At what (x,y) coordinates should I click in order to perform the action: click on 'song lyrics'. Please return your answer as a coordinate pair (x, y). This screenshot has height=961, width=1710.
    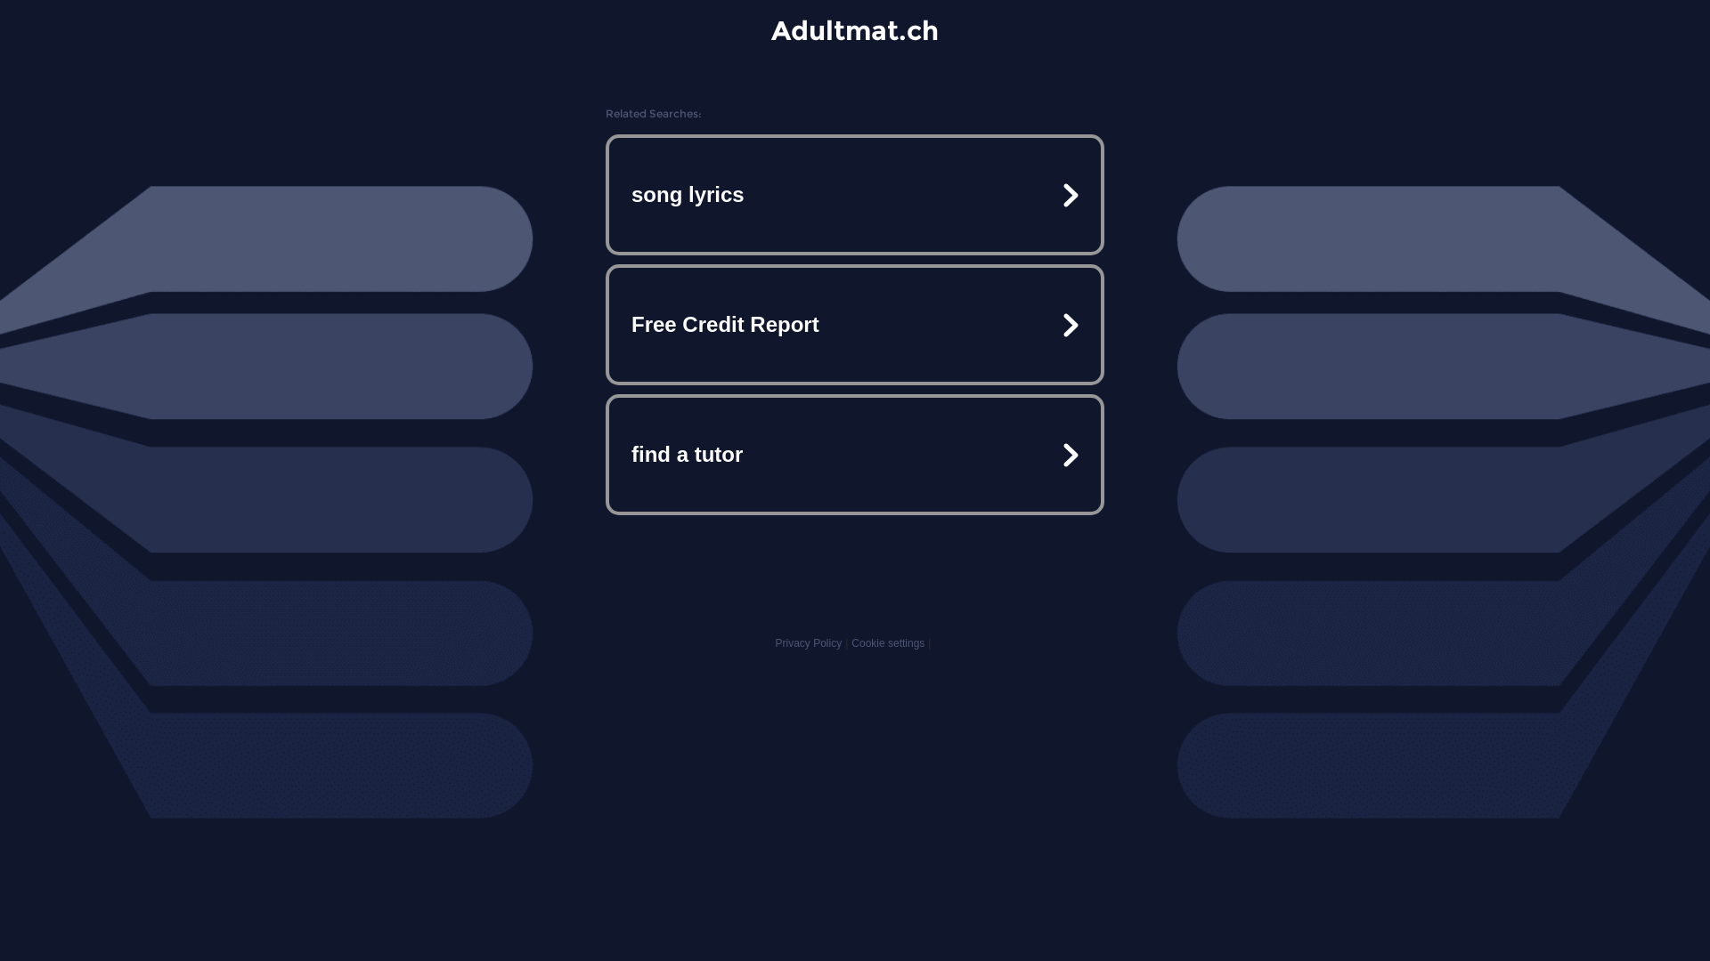
    Looking at the image, I should click on (855, 195).